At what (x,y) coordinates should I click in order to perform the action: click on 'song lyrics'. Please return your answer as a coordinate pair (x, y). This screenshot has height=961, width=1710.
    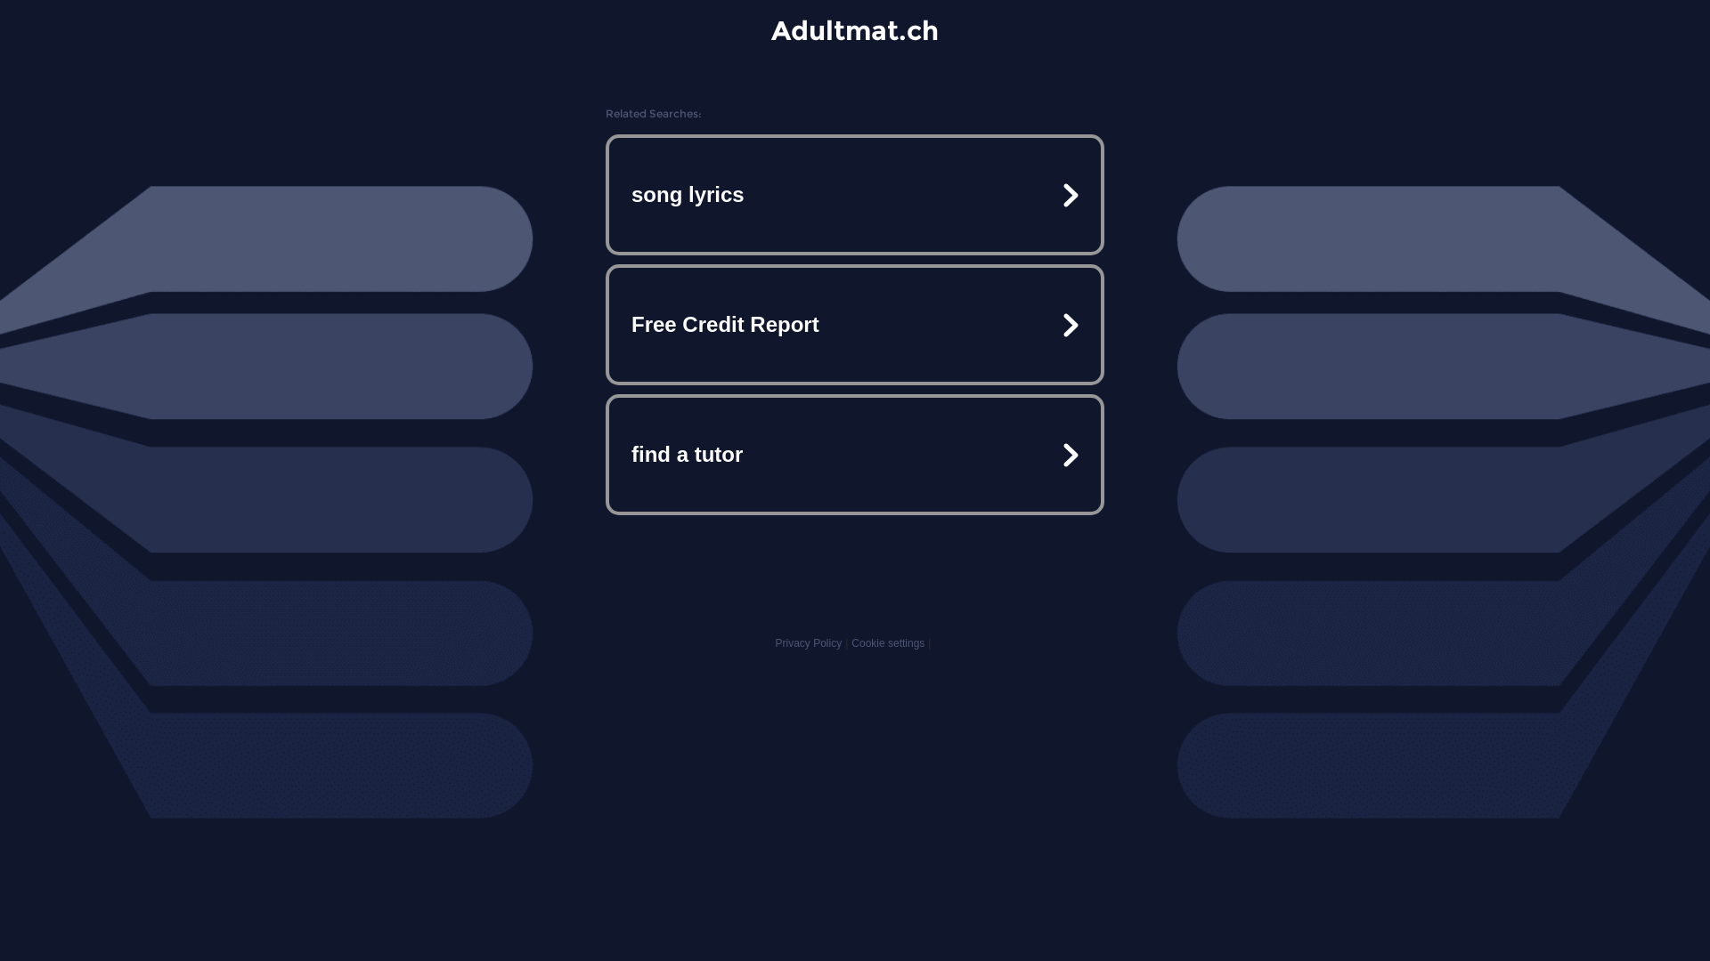
    Looking at the image, I should click on (855, 195).